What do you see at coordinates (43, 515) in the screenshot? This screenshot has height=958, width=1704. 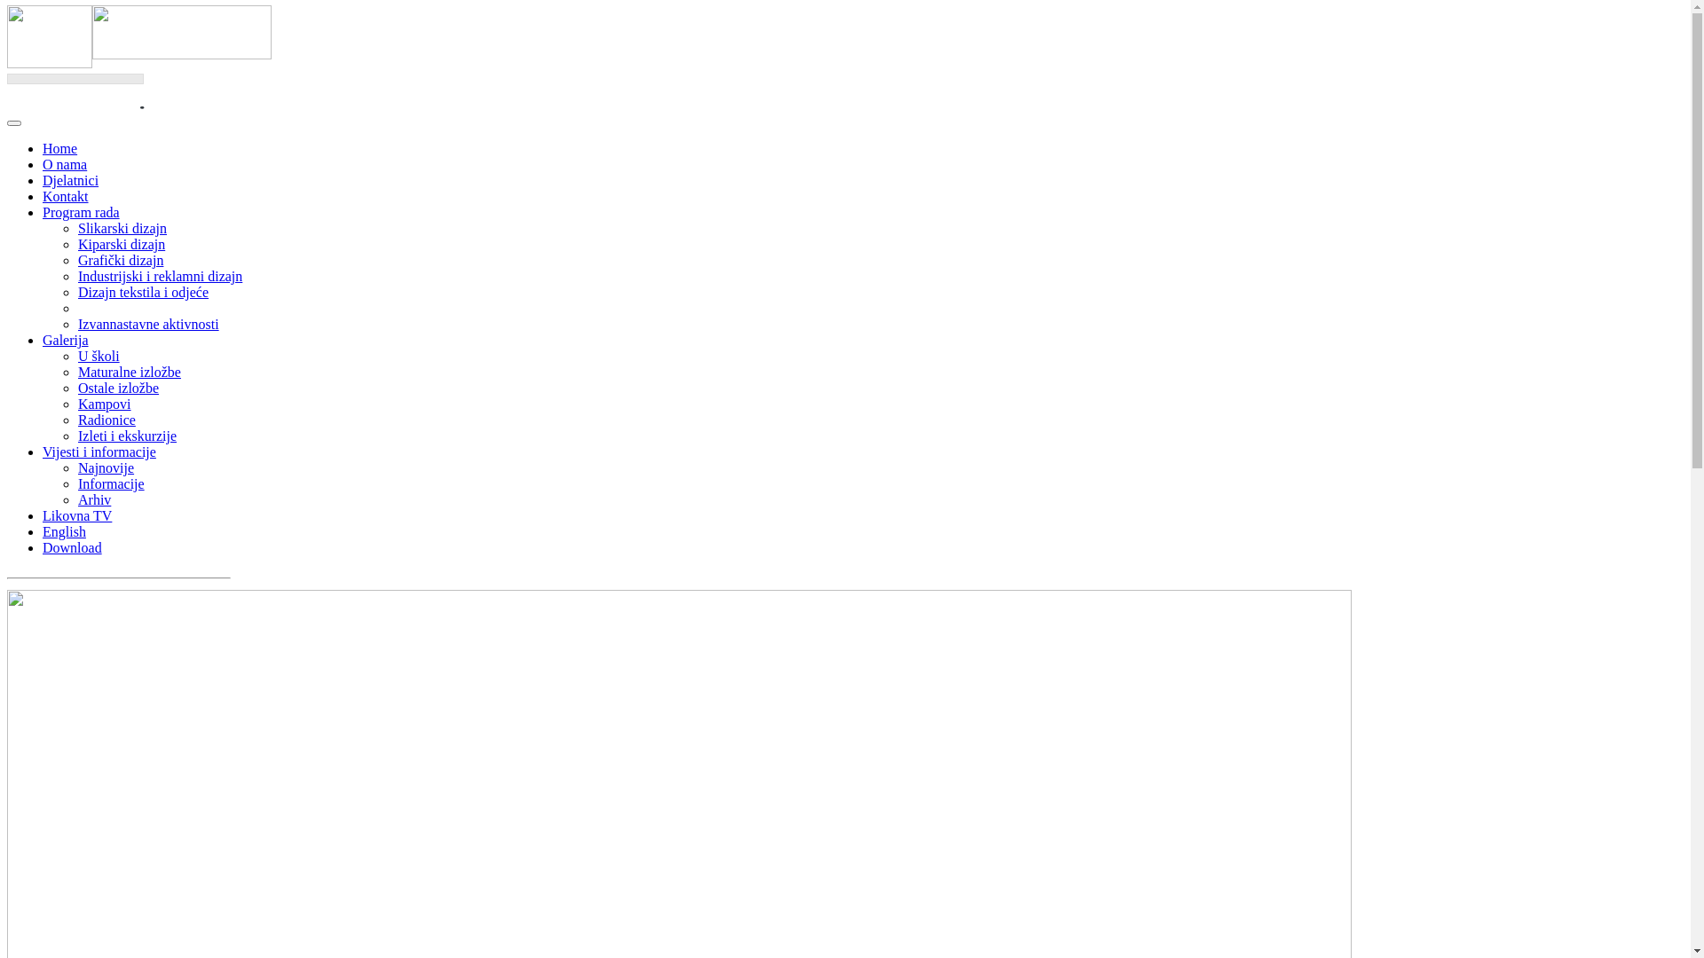 I see `'Likovna TV'` at bounding box center [43, 515].